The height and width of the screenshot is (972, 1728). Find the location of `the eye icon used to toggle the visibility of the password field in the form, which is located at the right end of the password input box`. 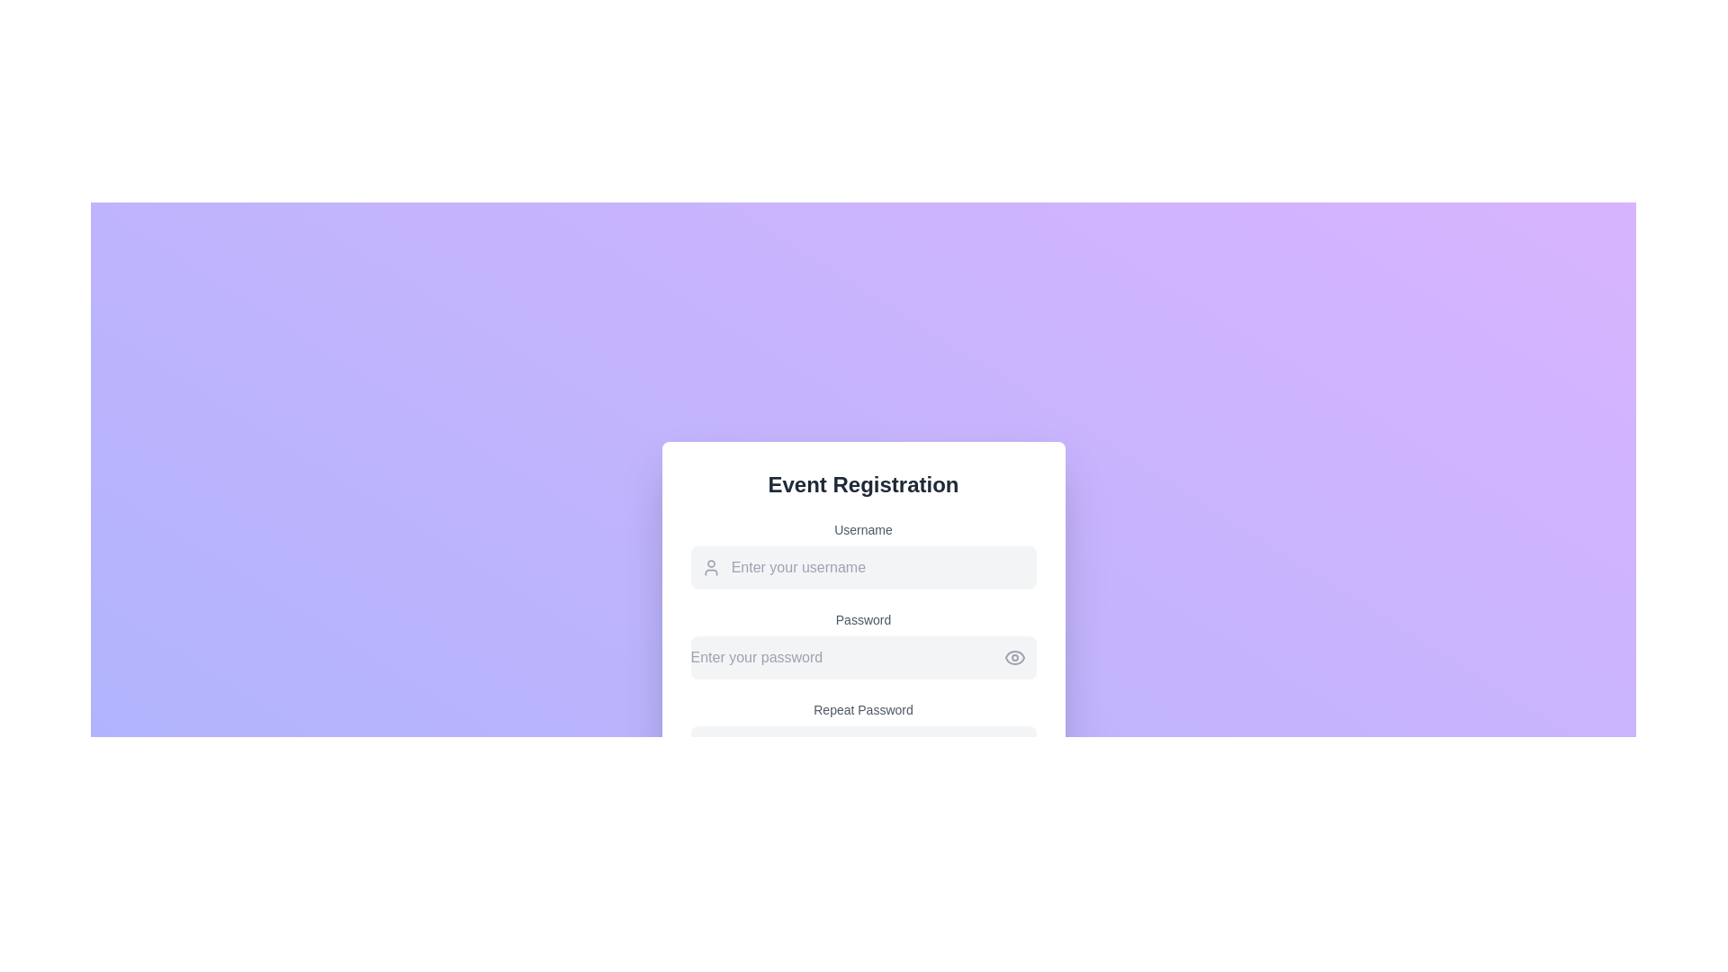

the eye icon used to toggle the visibility of the password field in the form, which is located at the right end of the password input box is located at coordinates (1014, 658).